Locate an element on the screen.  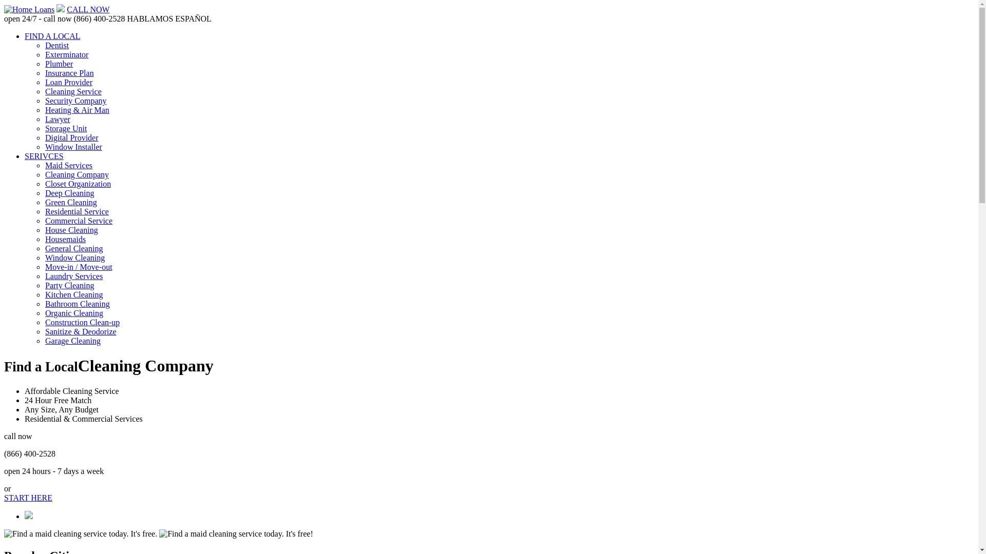
'Bathroom Cleaning' is located at coordinates (44, 303).